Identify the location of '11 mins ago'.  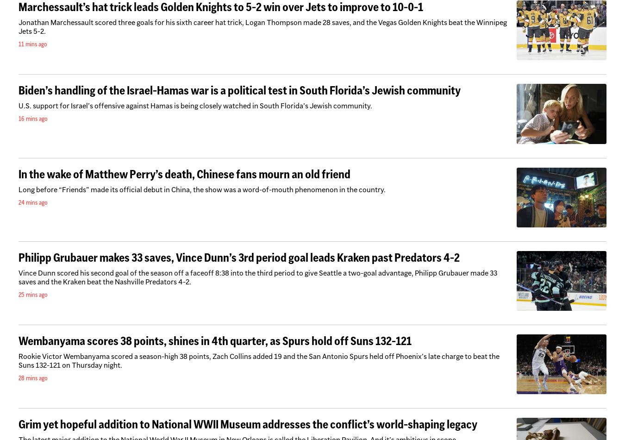
(18, 44).